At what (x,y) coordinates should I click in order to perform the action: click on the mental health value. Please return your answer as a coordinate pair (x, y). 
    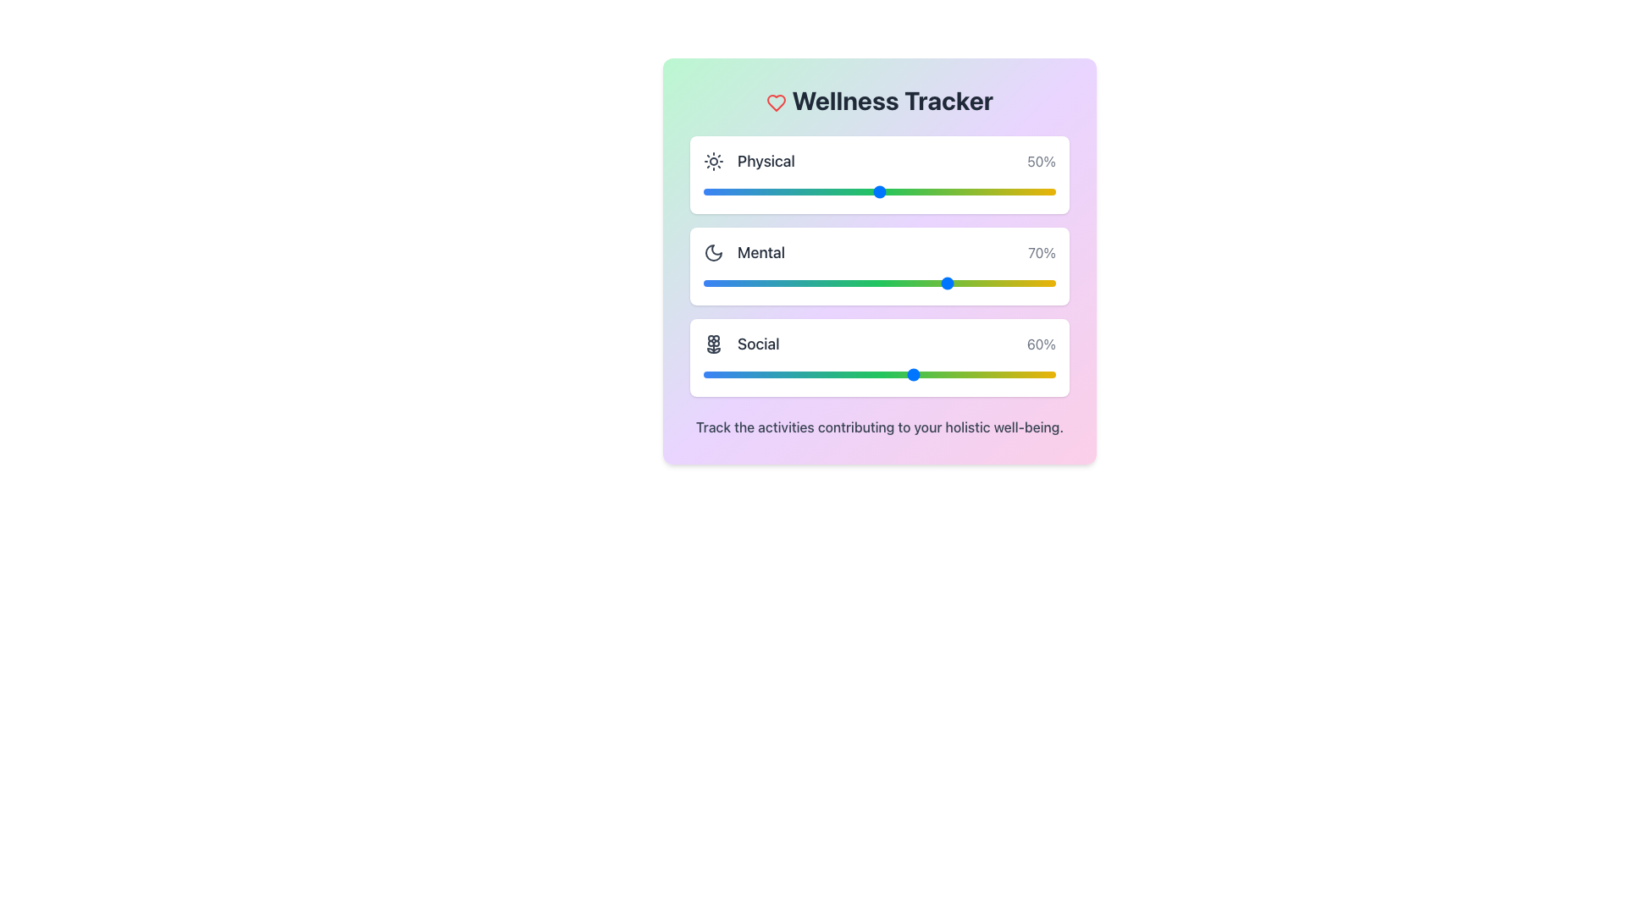
    Looking at the image, I should click on (717, 283).